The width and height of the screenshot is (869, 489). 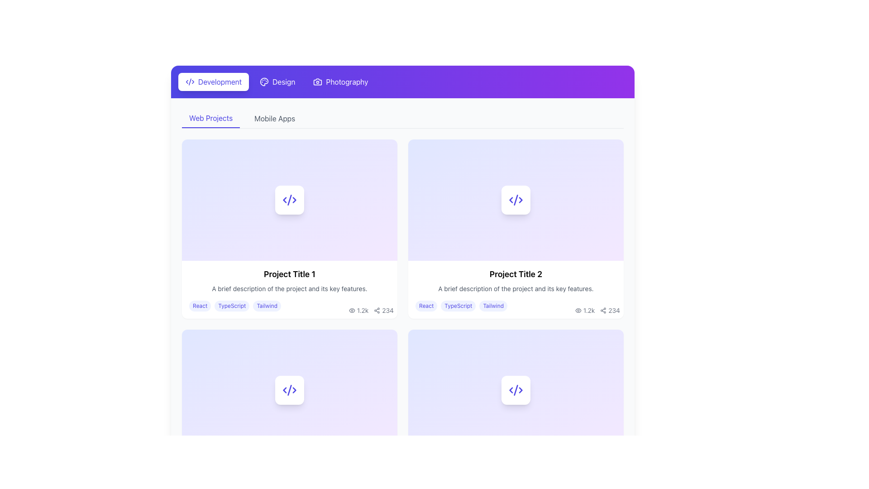 I want to click on the rightward arrow within the coding semantics graphical icon on the project display card titled 'Project Title 1', so click(x=294, y=199).